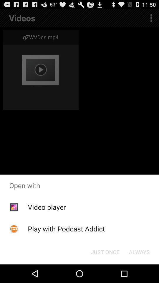  What do you see at coordinates (66, 228) in the screenshot?
I see `button above just once icon` at bounding box center [66, 228].